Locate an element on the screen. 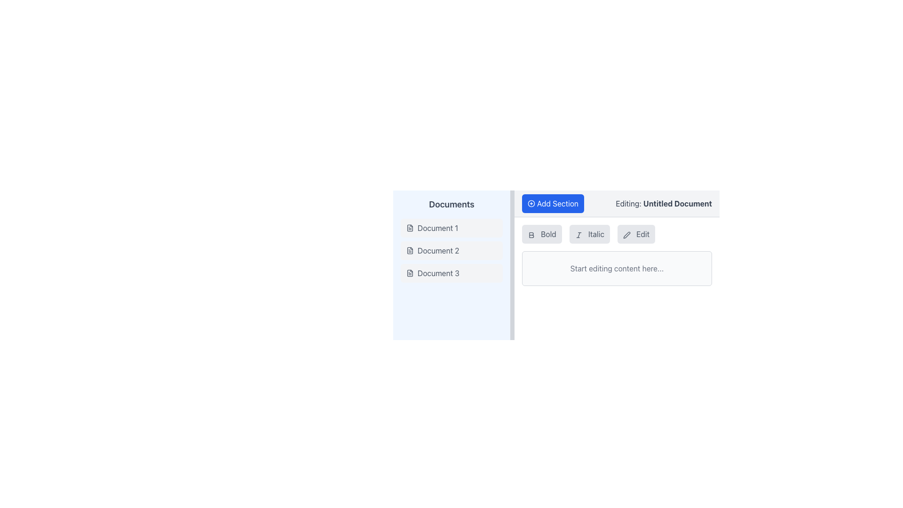 The width and height of the screenshot is (903, 508). the toggle button for bold styling in the text editing environment is located at coordinates (542, 233).